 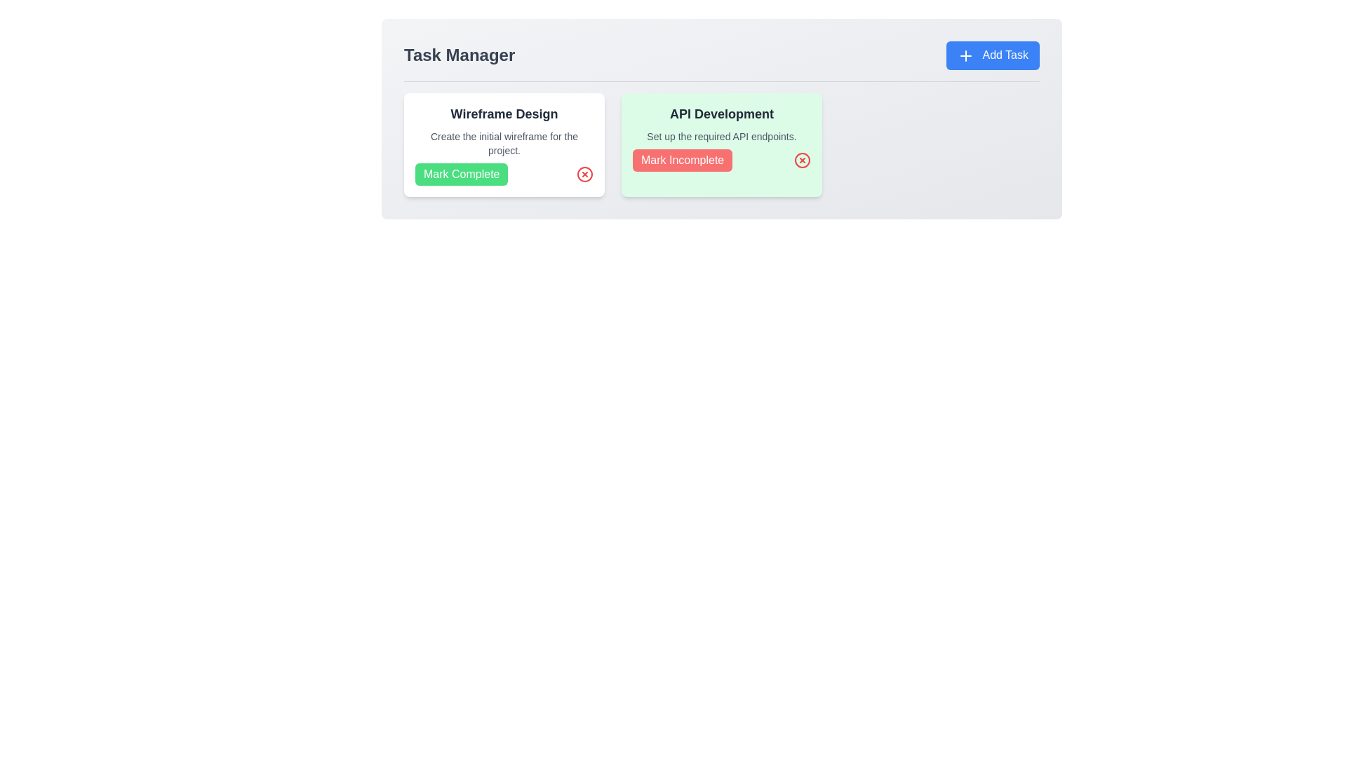 What do you see at coordinates (504, 113) in the screenshot?
I see `the Text Label that serves as the title for the task, which is positioned above the task description and the 'Mark Complete' button` at bounding box center [504, 113].